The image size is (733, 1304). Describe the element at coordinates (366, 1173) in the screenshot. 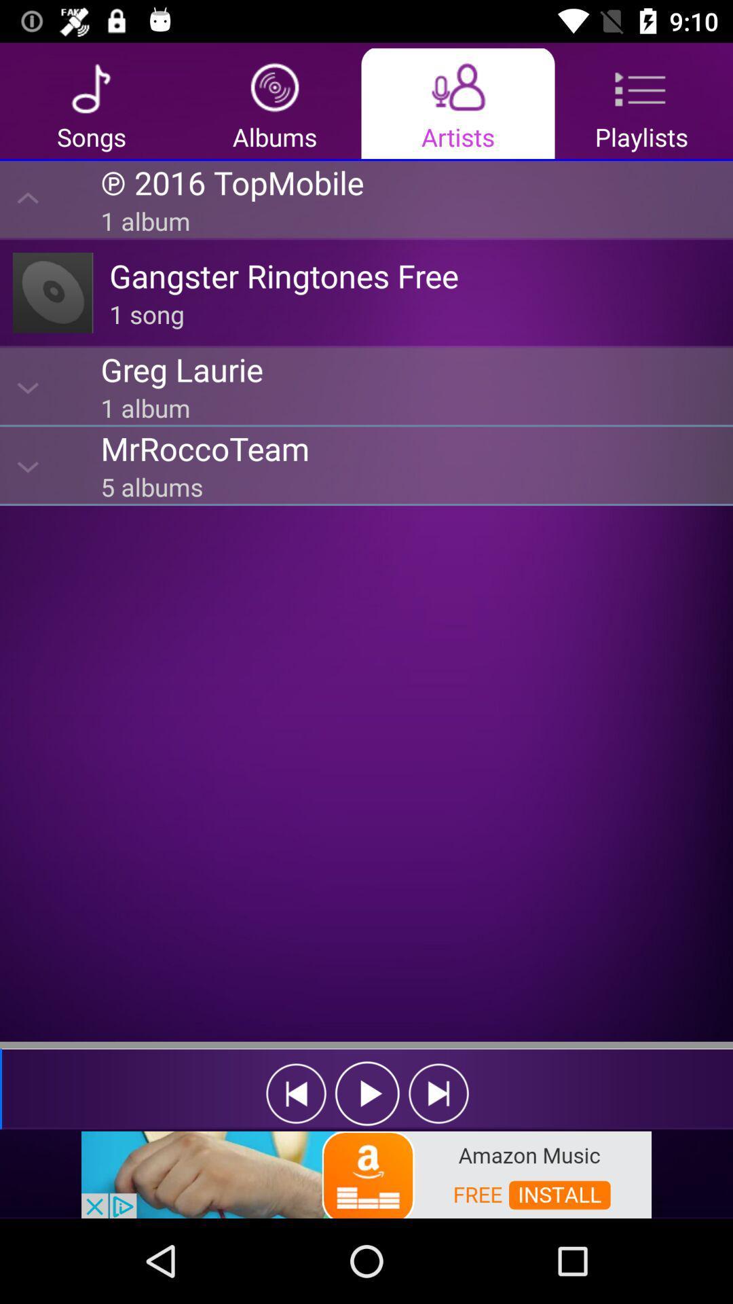

I see `see sponsored content` at that location.